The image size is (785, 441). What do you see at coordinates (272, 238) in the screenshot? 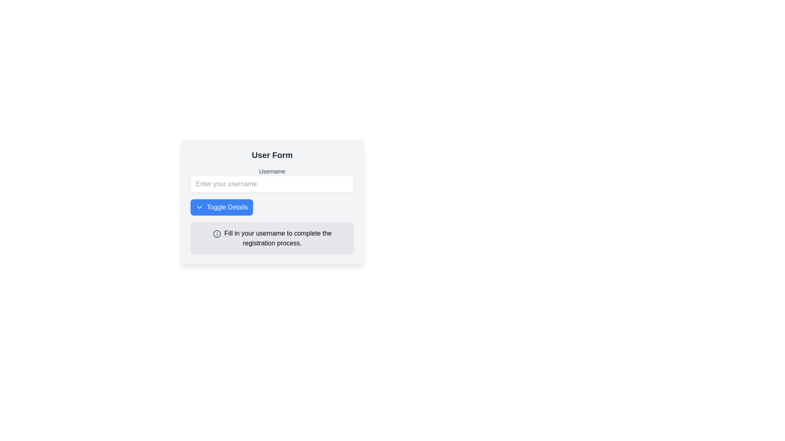
I see `the informational text block with an icon that contains the text 'Fill in your username to complete the registration process.'` at bounding box center [272, 238].